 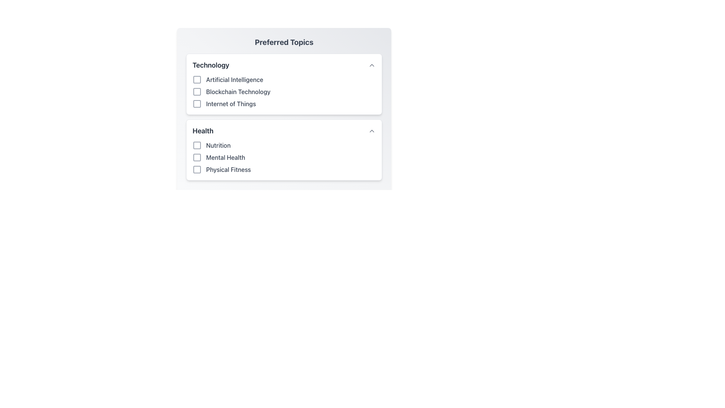 What do you see at coordinates (197, 104) in the screenshot?
I see `the checkbox located to the left of the 'Internet of Things' label in the Technology category` at bounding box center [197, 104].